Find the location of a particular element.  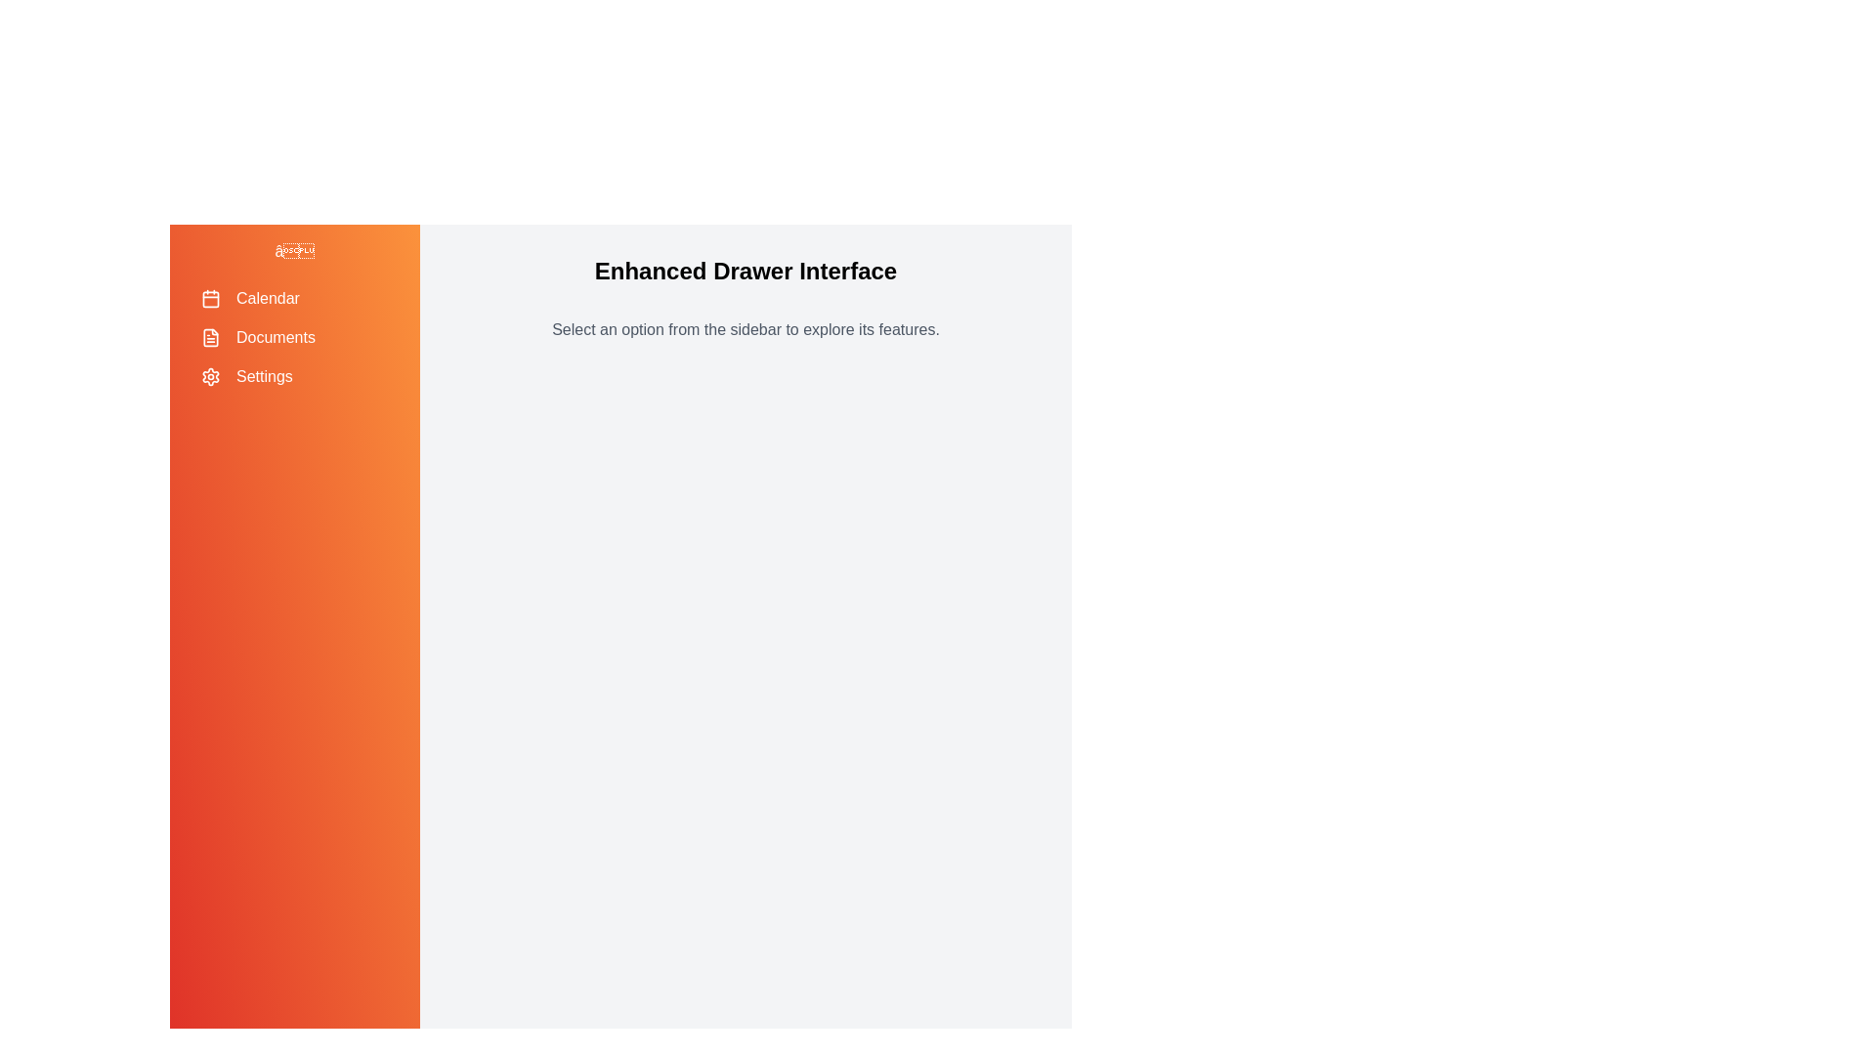

toggle button to open or close the drawer is located at coordinates (294, 251).